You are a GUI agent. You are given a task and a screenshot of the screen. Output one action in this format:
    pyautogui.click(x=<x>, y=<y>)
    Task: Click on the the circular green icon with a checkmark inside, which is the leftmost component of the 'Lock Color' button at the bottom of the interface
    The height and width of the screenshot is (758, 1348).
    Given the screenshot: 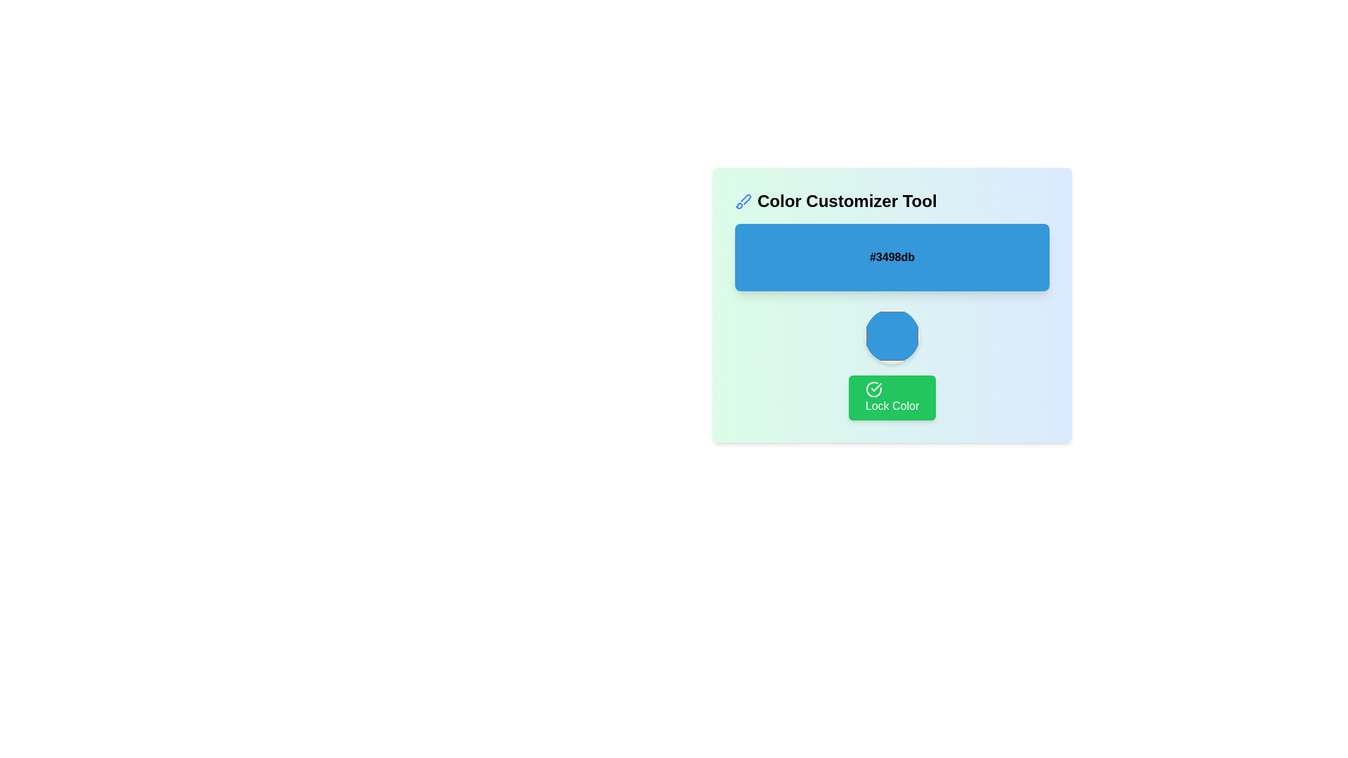 What is the action you would take?
    pyautogui.click(x=873, y=390)
    